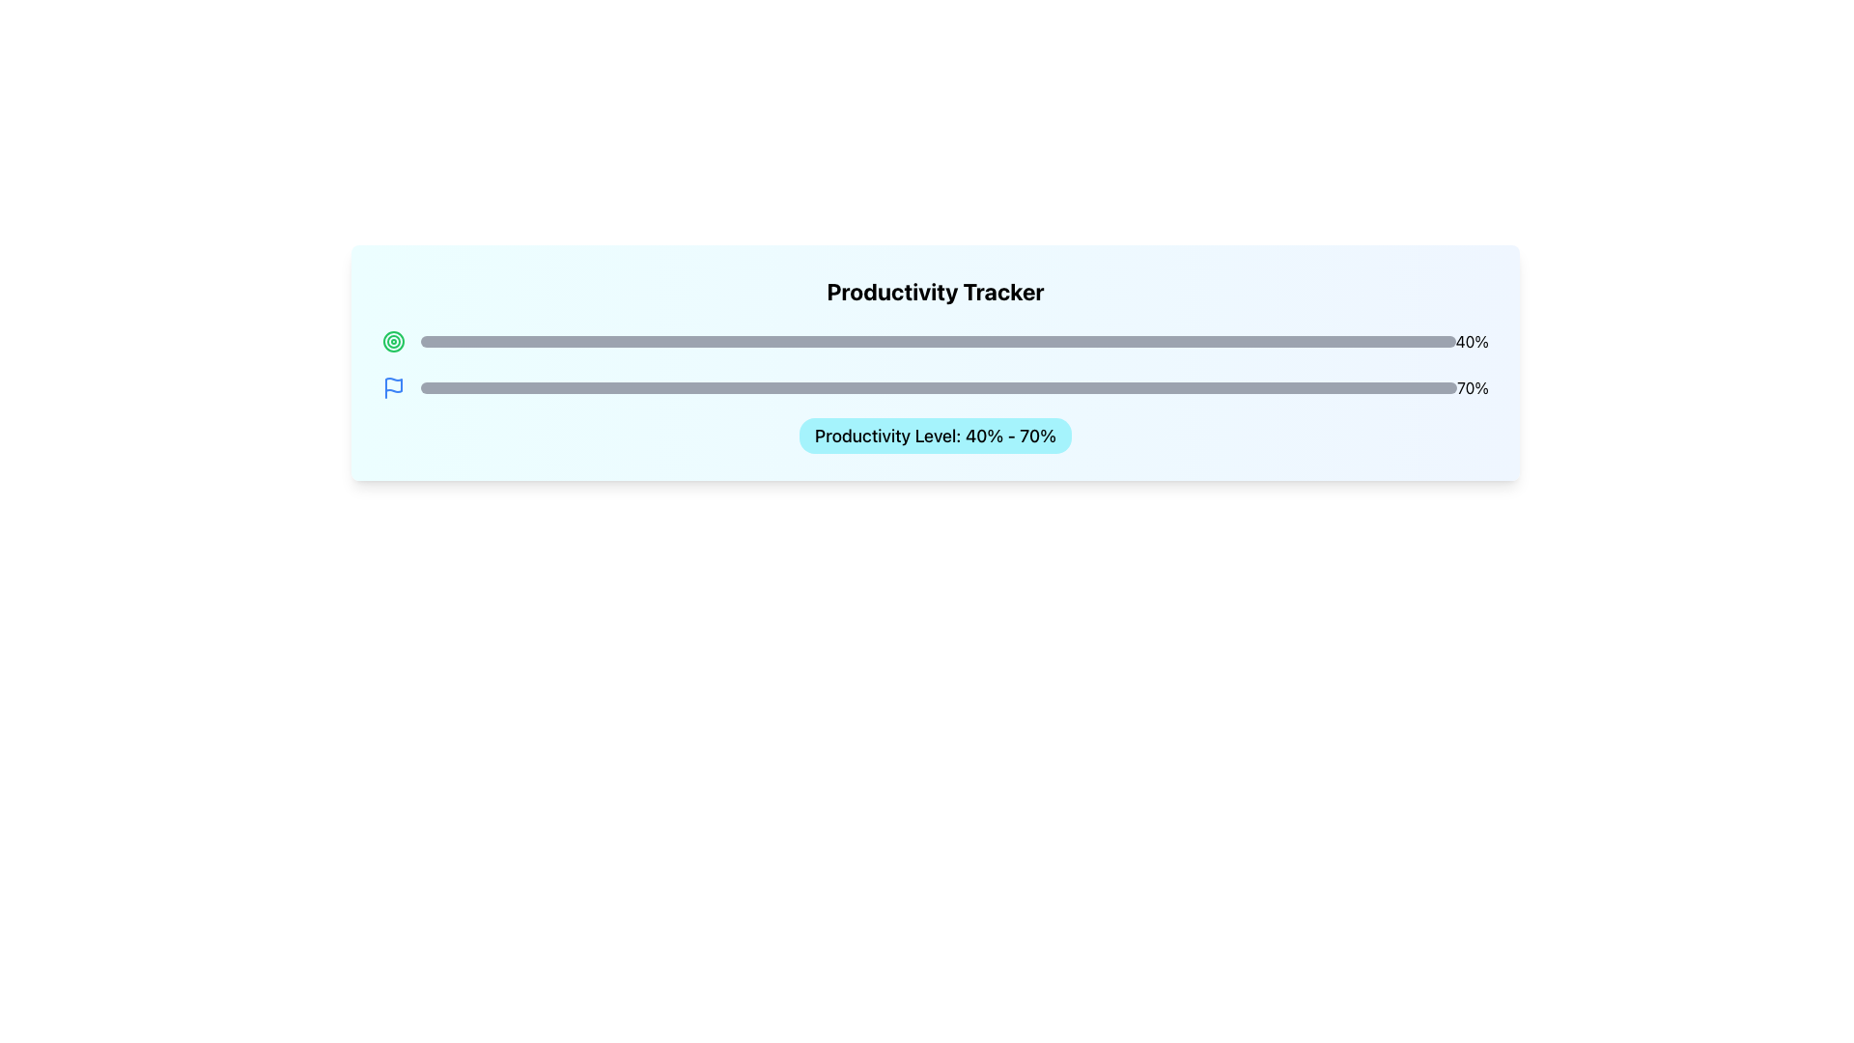 This screenshot has height=1043, width=1854. Describe the element at coordinates (1166, 387) in the screenshot. I see `the progress value` at that location.